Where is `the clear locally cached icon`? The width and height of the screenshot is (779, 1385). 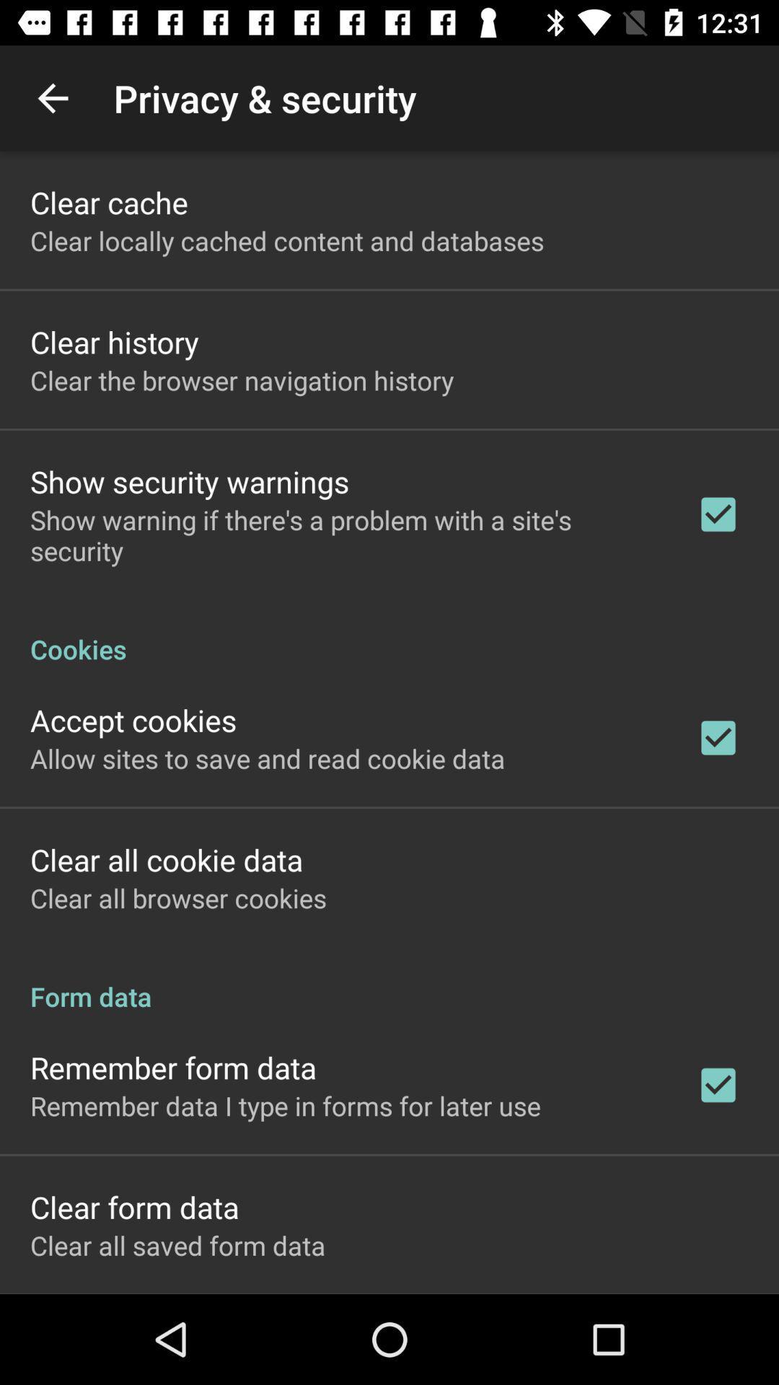 the clear locally cached icon is located at coordinates (287, 240).